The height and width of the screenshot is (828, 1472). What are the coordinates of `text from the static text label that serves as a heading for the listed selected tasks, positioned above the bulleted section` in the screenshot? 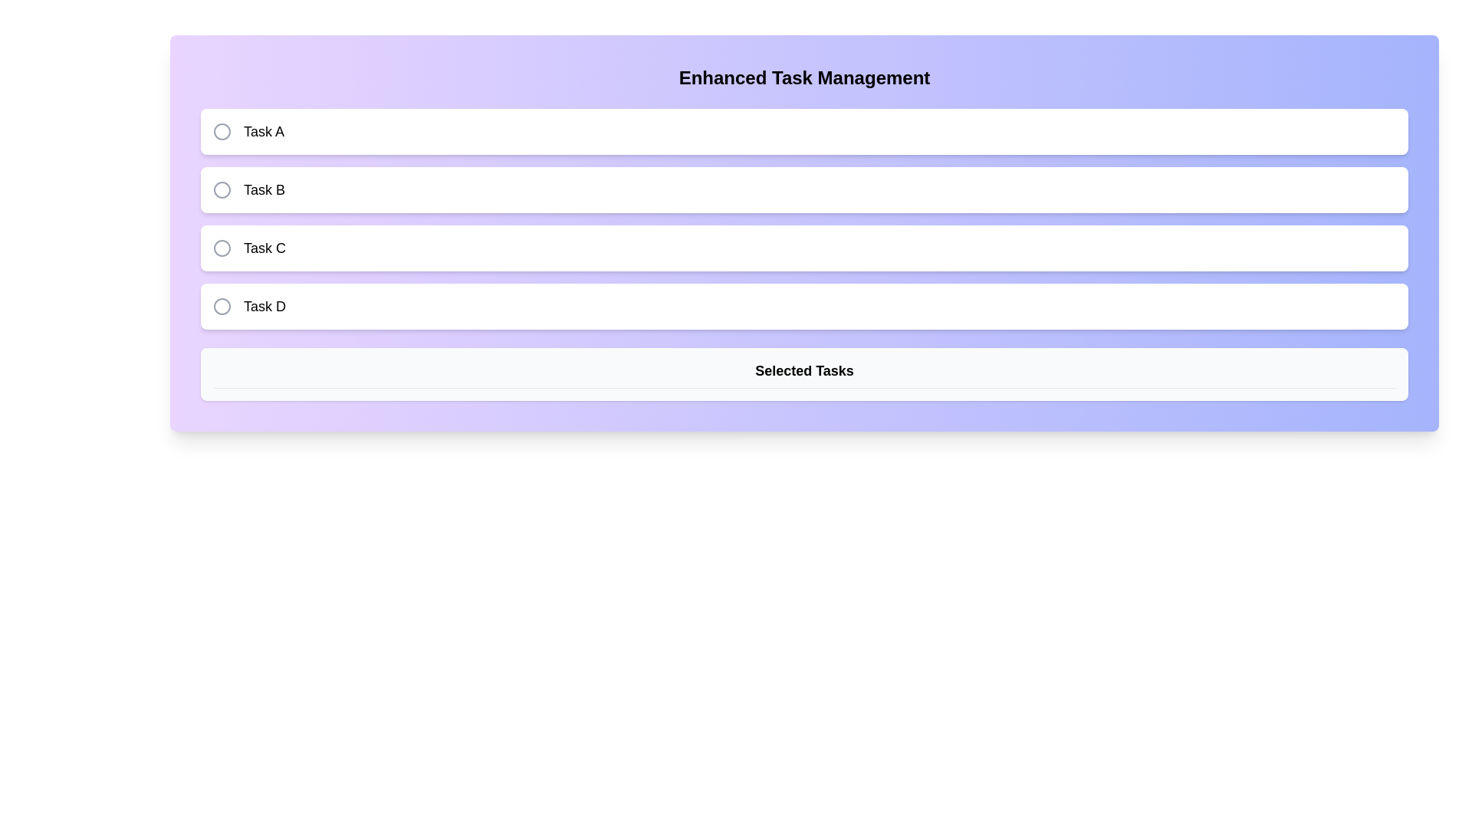 It's located at (803, 374).